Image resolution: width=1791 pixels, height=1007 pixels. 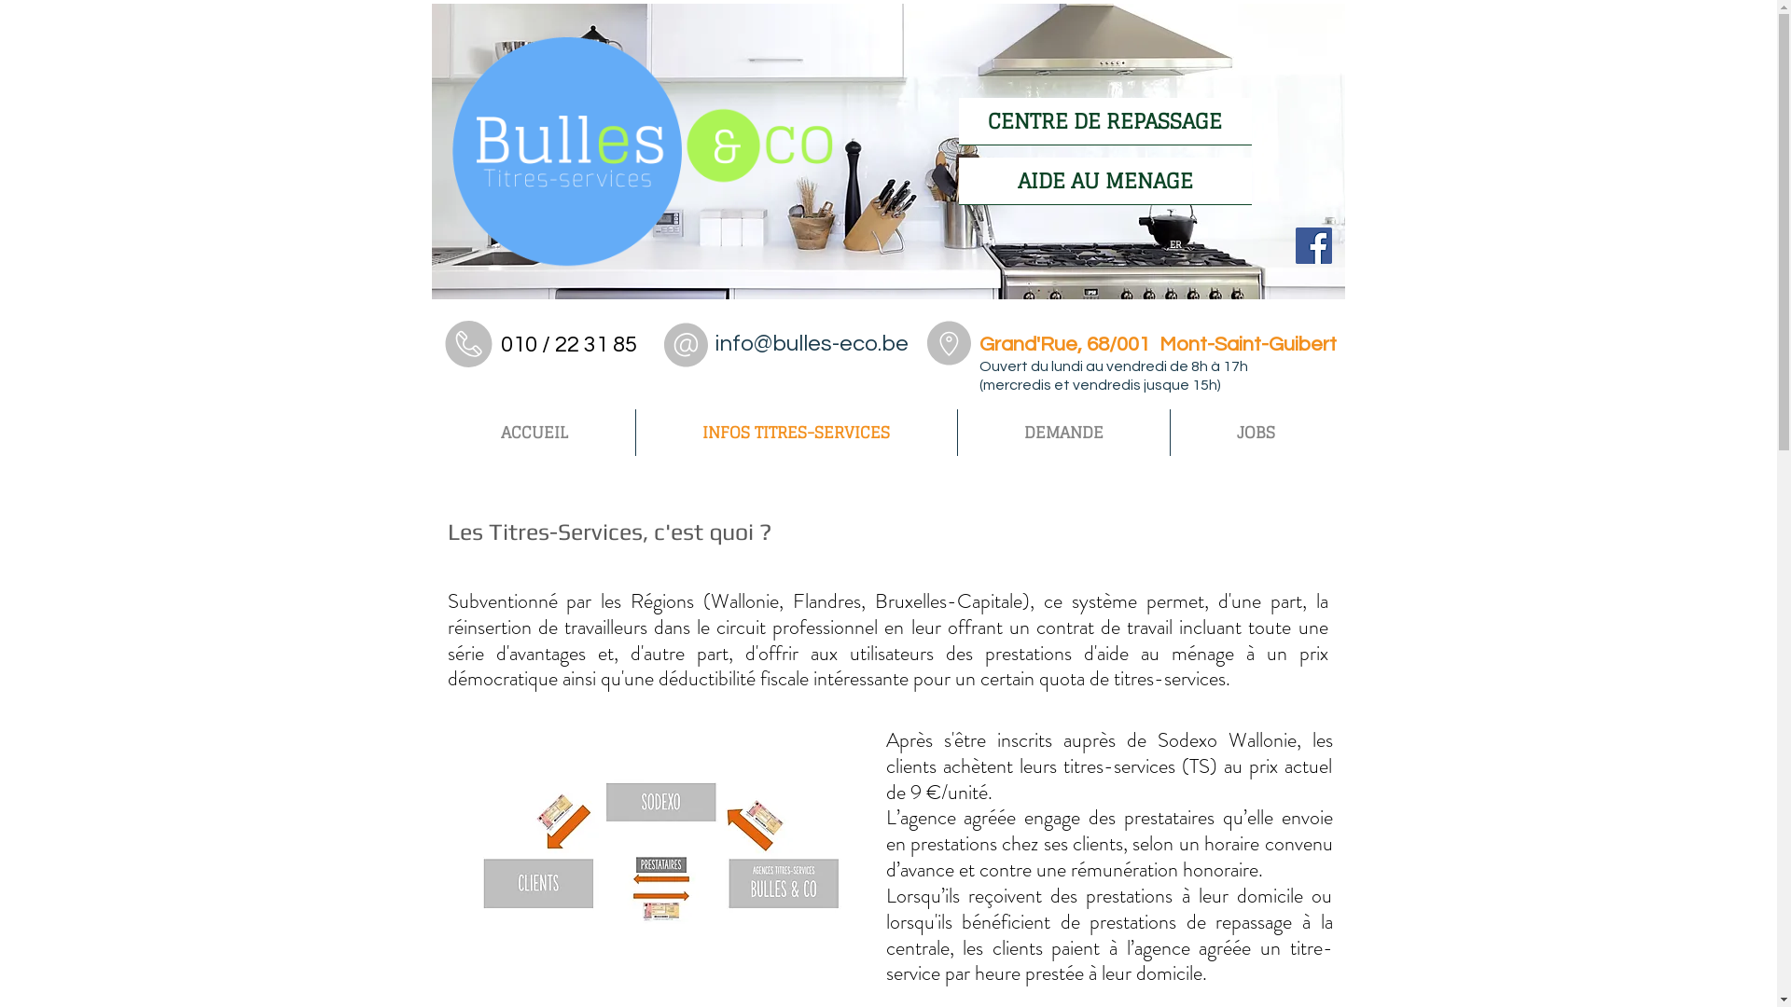 I want to click on 'info@bulles-eco.be', so click(x=811, y=343).